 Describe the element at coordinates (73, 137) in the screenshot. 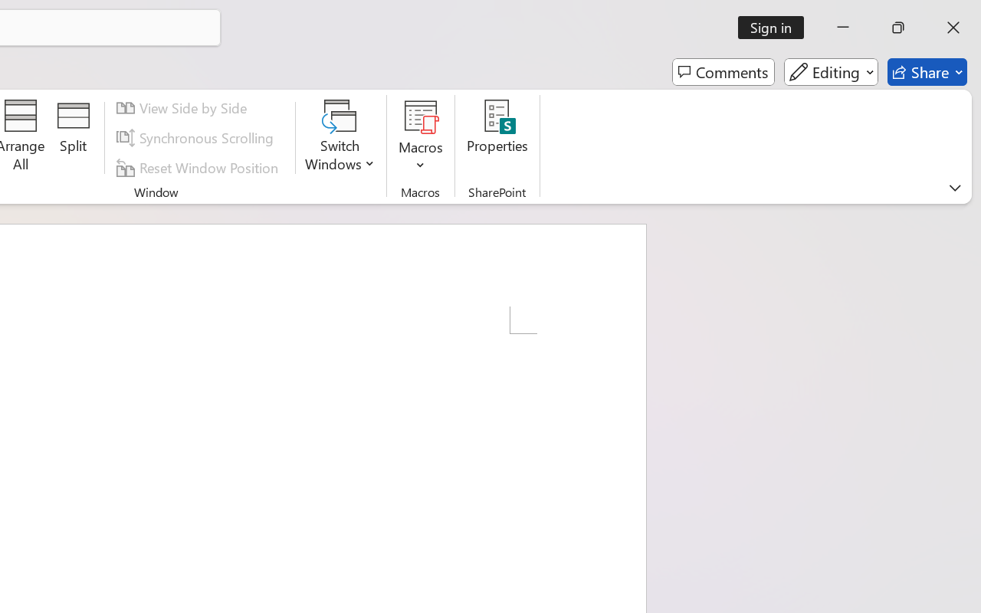

I see `'Split'` at that location.